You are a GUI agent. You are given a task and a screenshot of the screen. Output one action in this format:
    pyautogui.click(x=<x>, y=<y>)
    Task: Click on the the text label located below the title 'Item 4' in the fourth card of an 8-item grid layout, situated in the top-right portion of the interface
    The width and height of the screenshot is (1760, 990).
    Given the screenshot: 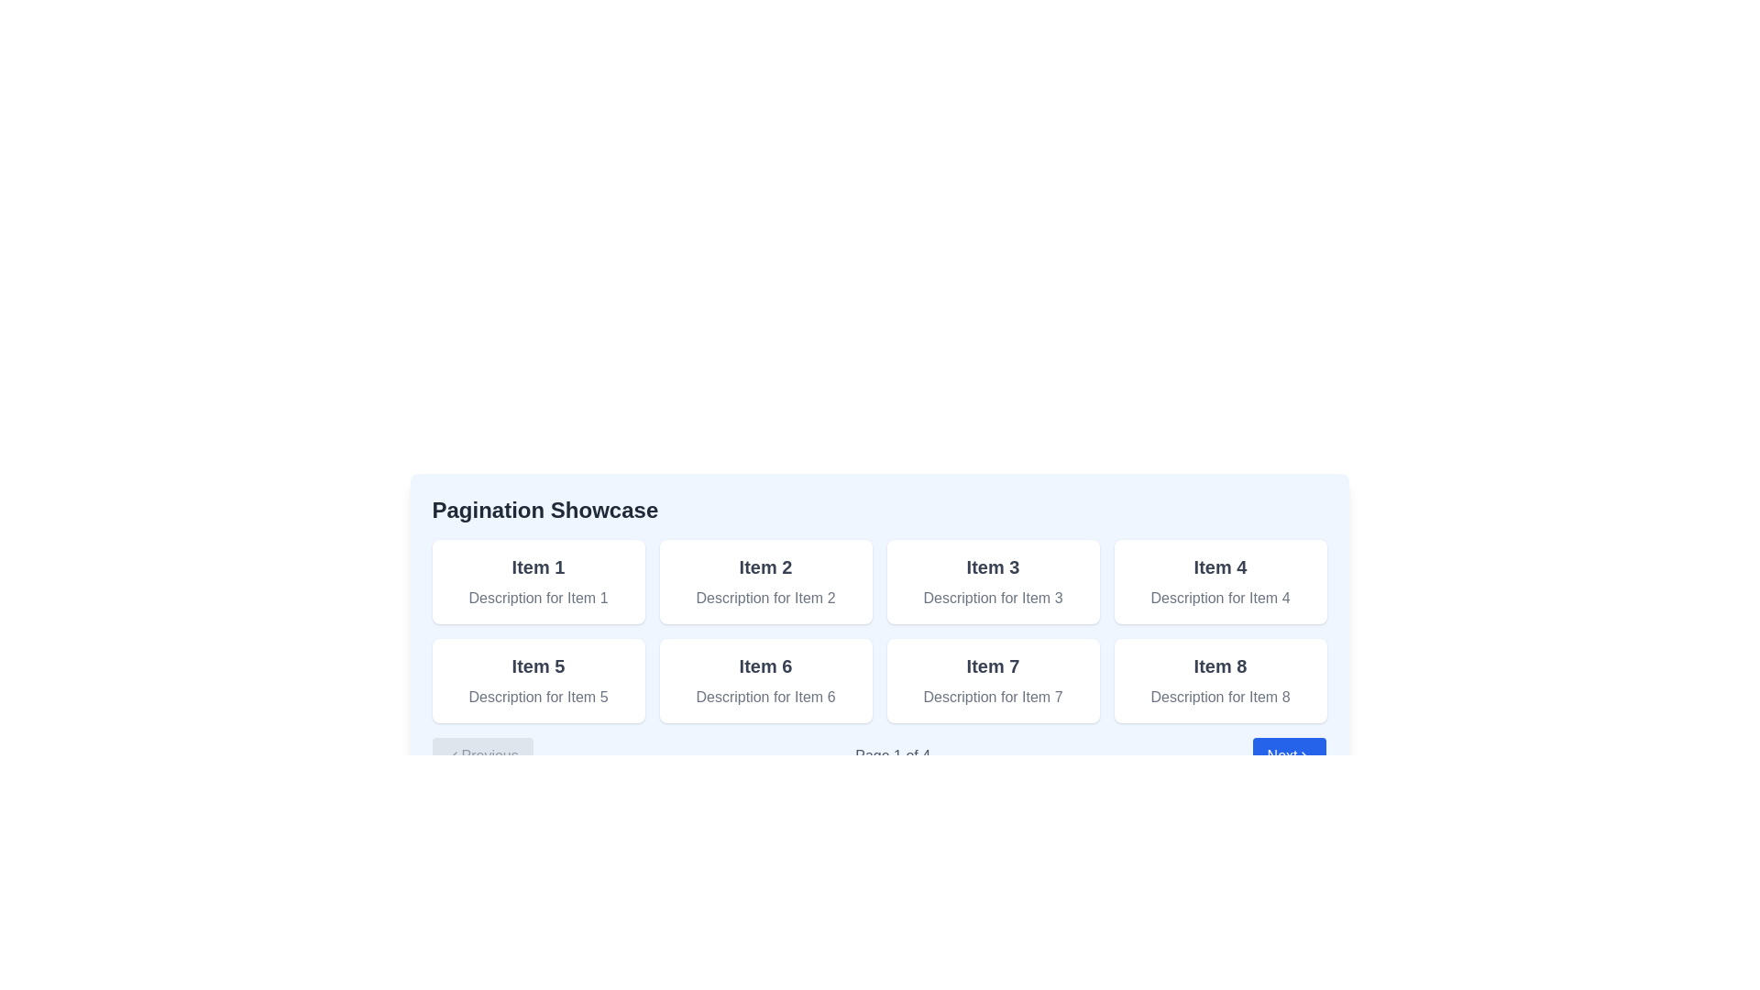 What is the action you would take?
    pyautogui.click(x=1220, y=598)
    